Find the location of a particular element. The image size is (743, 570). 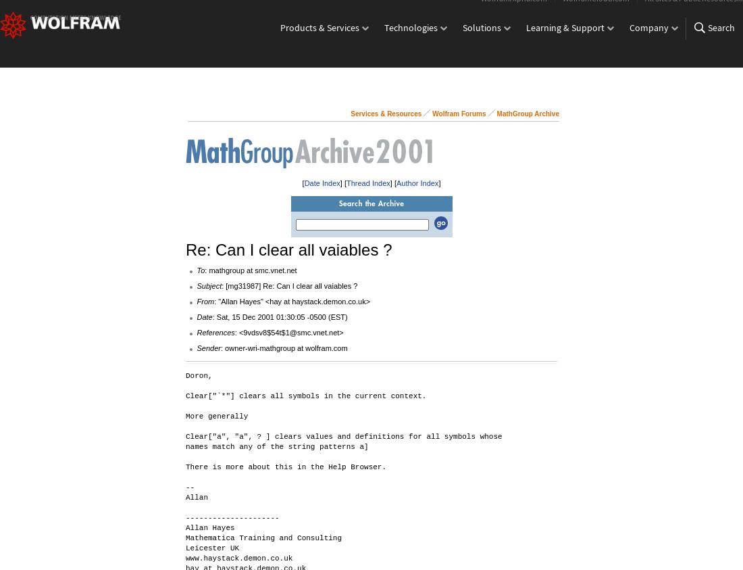

'[' is located at coordinates (302, 183).